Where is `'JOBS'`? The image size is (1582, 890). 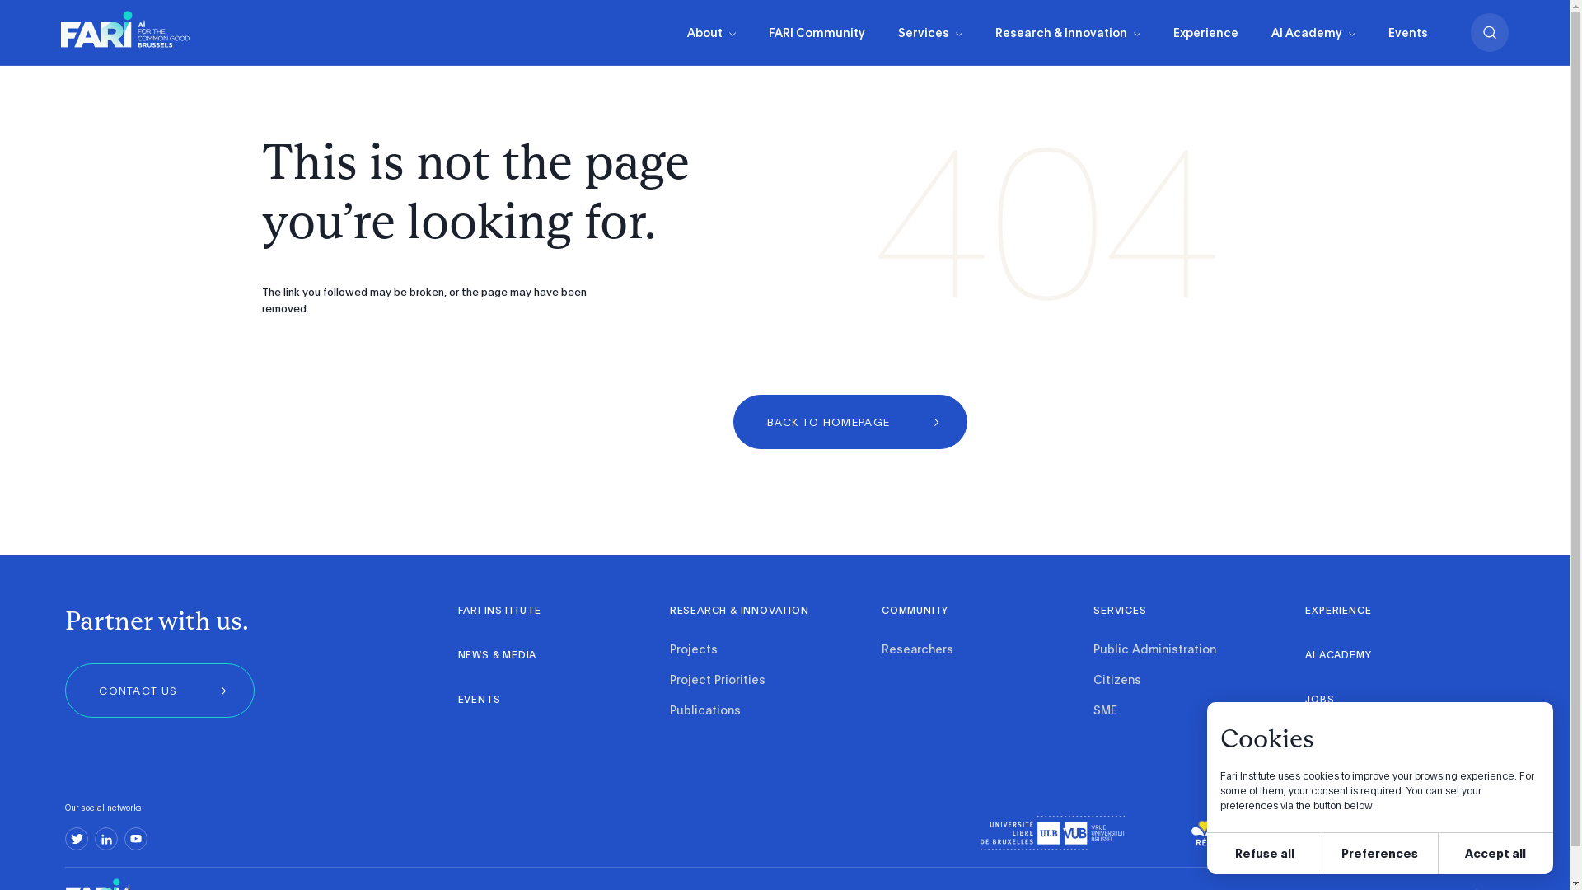
'JOBS' is located at coordinates (1321, 700).